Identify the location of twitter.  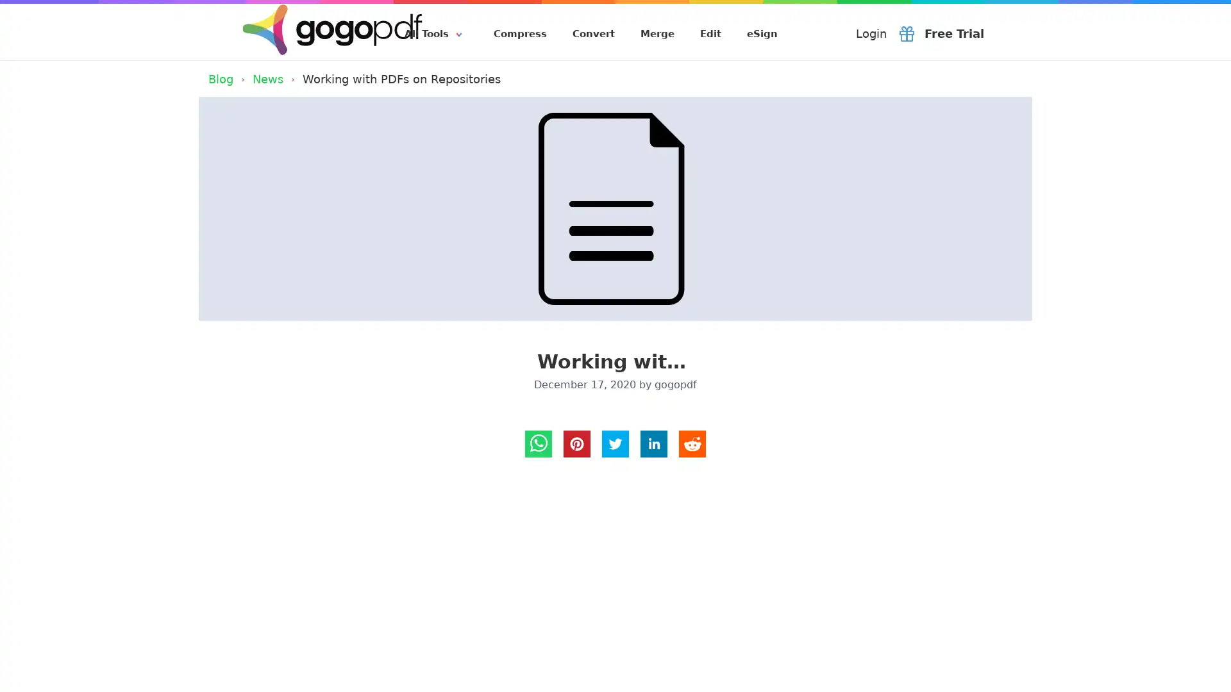
(615, 443).